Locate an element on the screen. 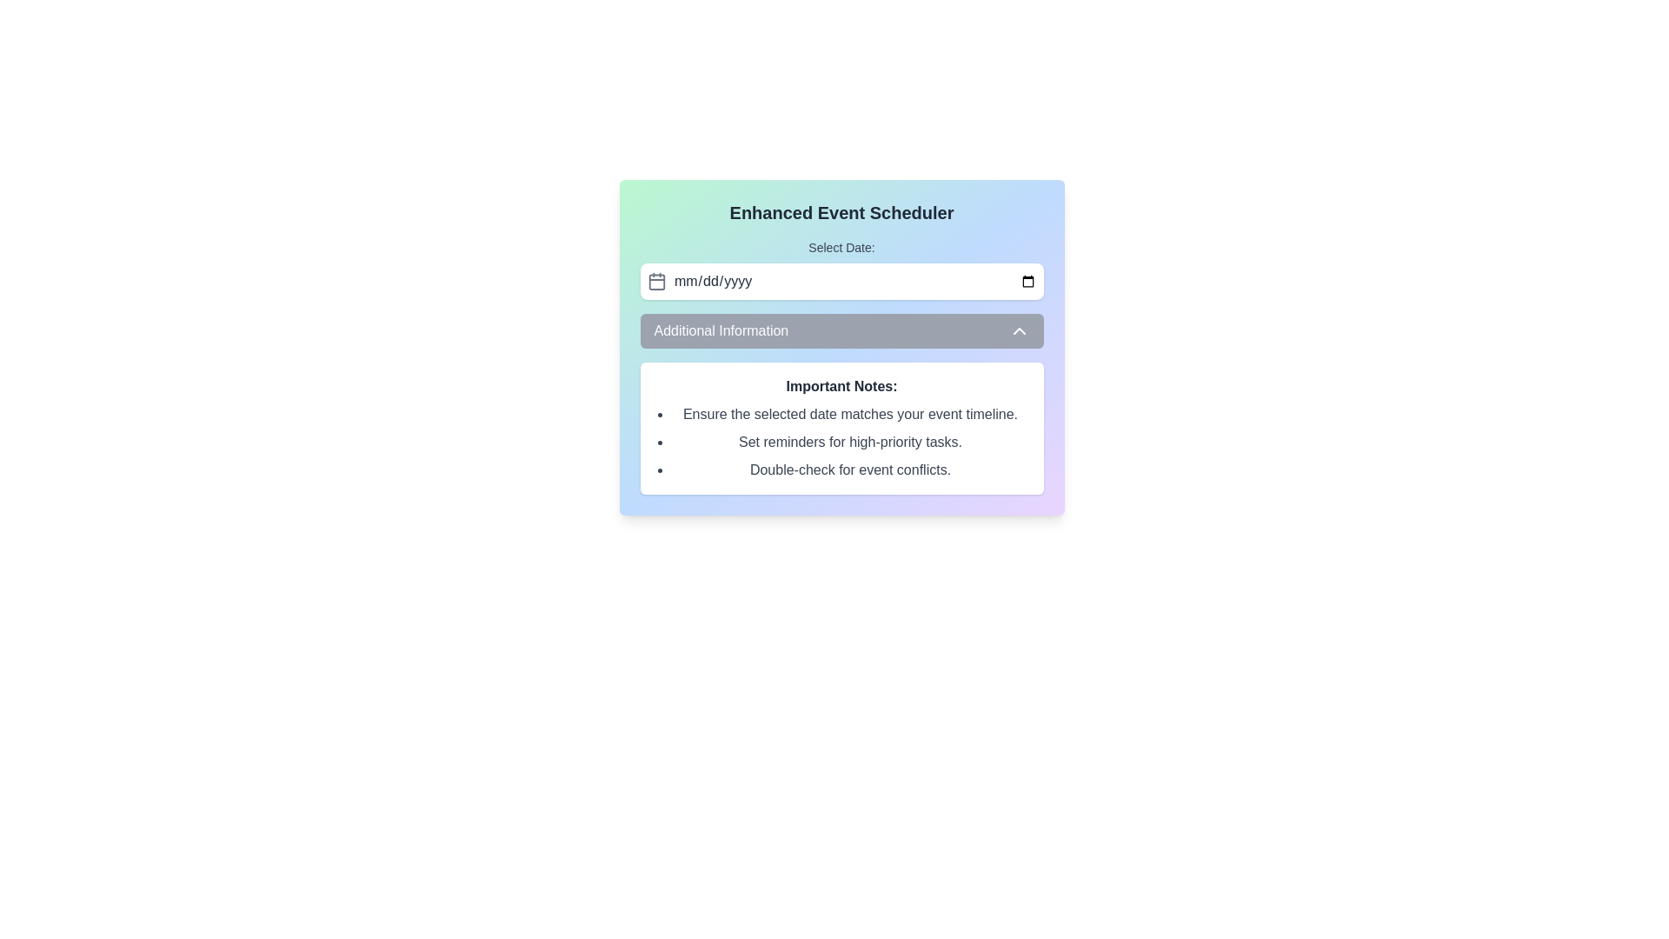 Image resolution: width=1669 pixels, height=939 pixels. the 'Additional Information' text label, which is styled in white text on a gray background and is part of an interactive button near the upper-middle section of the interface is located at coordinates (721, 331).